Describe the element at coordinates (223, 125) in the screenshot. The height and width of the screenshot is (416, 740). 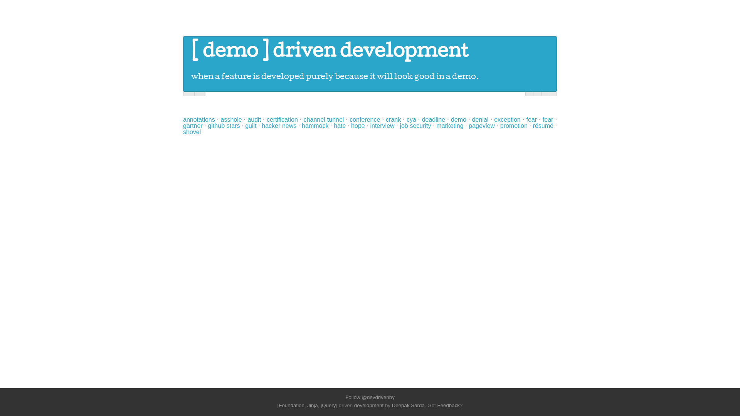
I see `'github stars'` at that location.